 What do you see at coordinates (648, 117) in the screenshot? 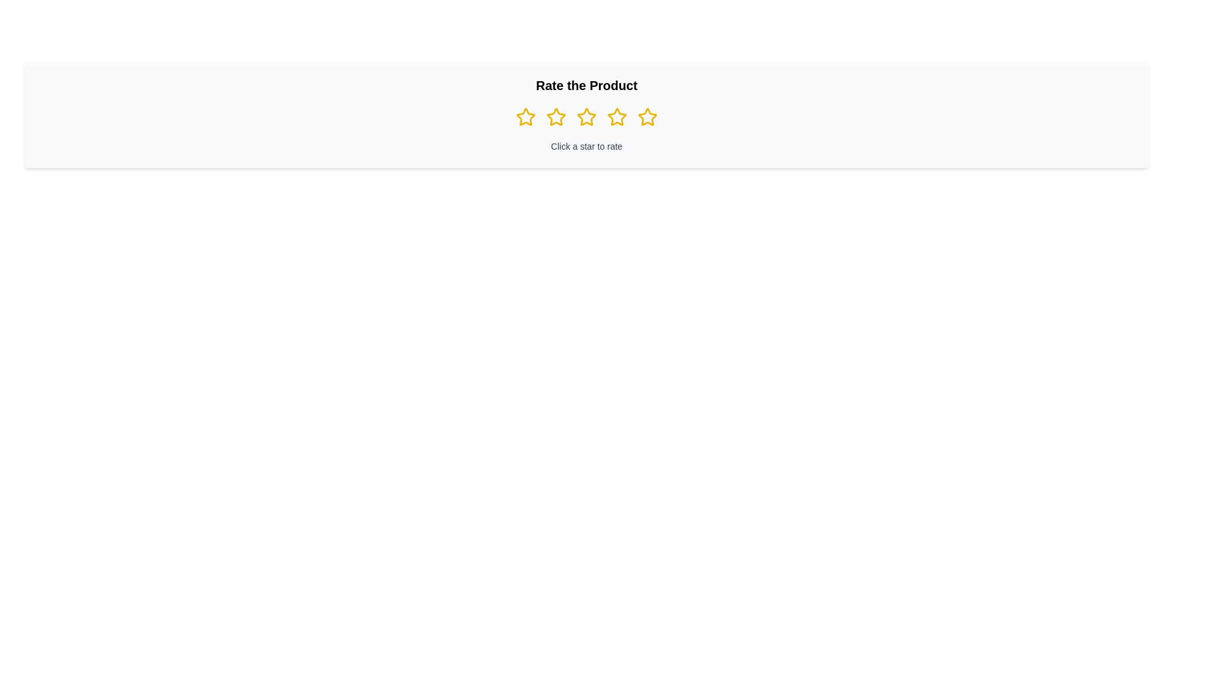
I see `the fifth star icon` at bounding box center [648, 117].